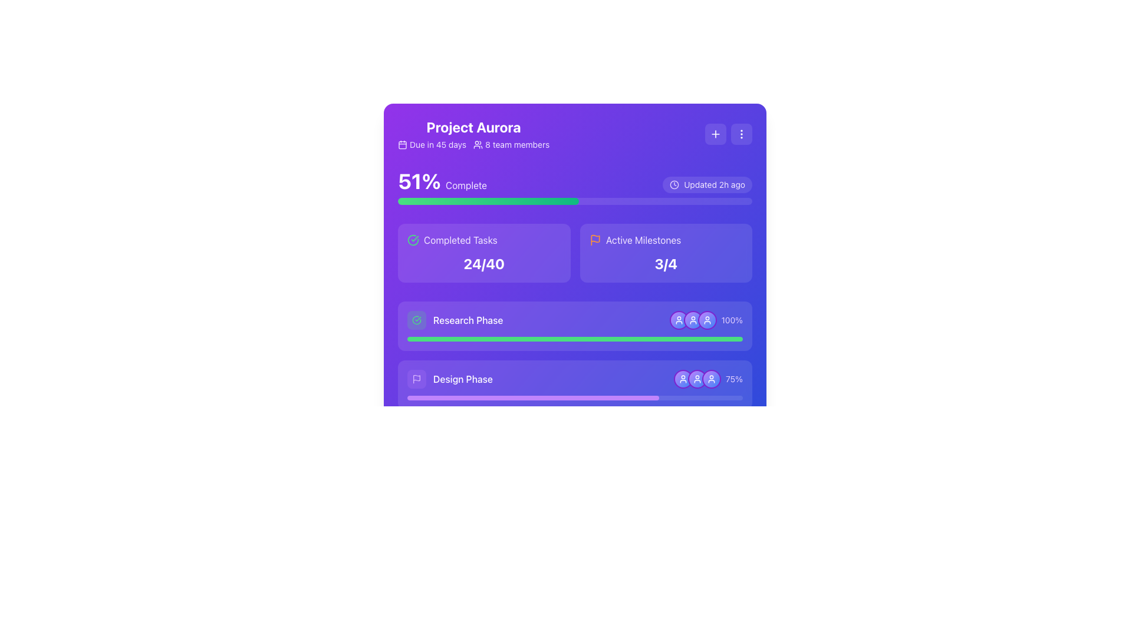  What do you see at coordinates (710, 379) in the screenshot?
I see `the circular avatar icon with a gradient background transitioning from purple to blue, located in the lower right section of the card next to the 'Design Phase' progress bar, specifically the third icon in a horizontal group of three` at bounding box center [710, 379].